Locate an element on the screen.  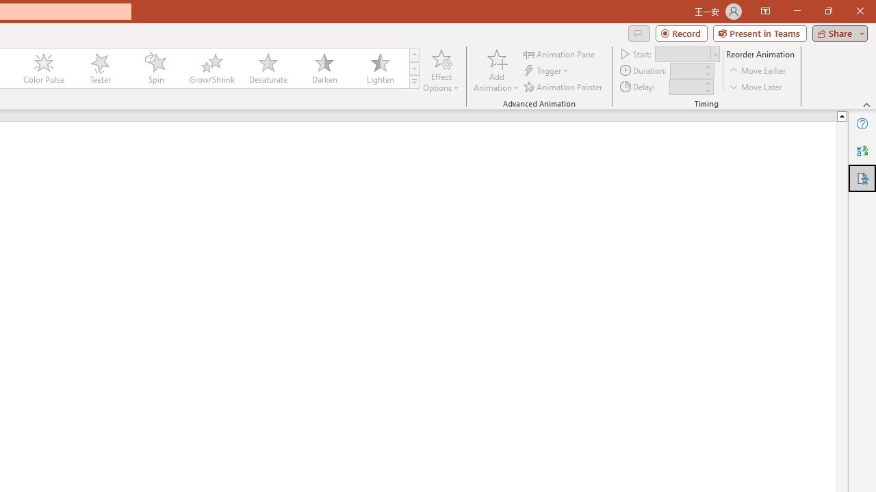
'Spin' is located at coordinates (155, 68).